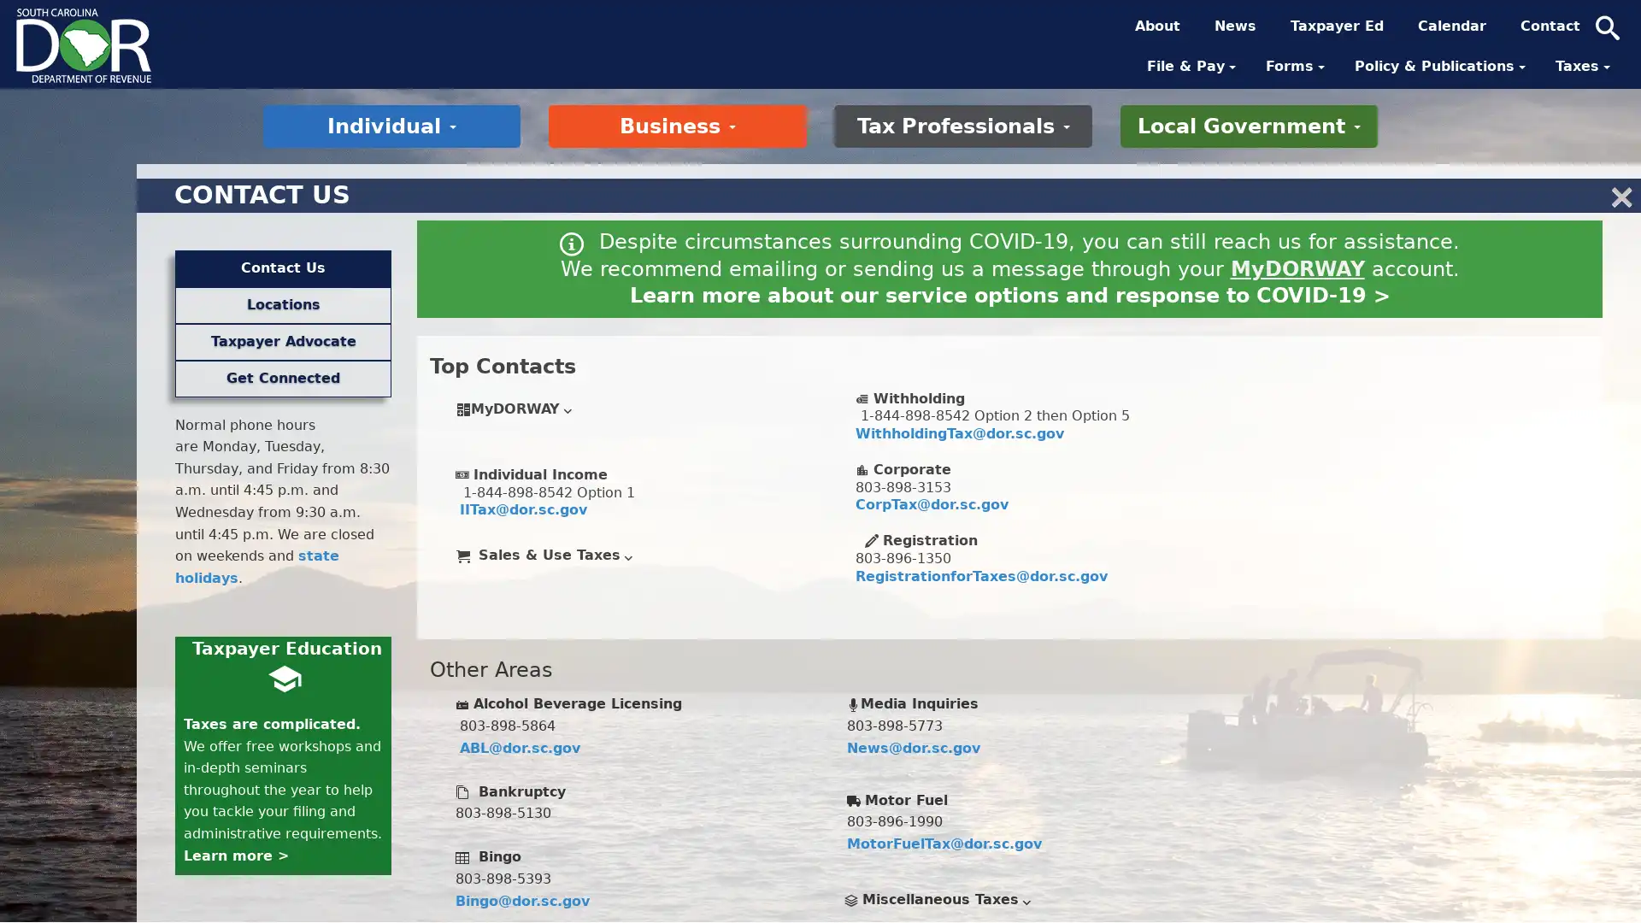  I want to click on Policy & Publications, so click(1441, 65).